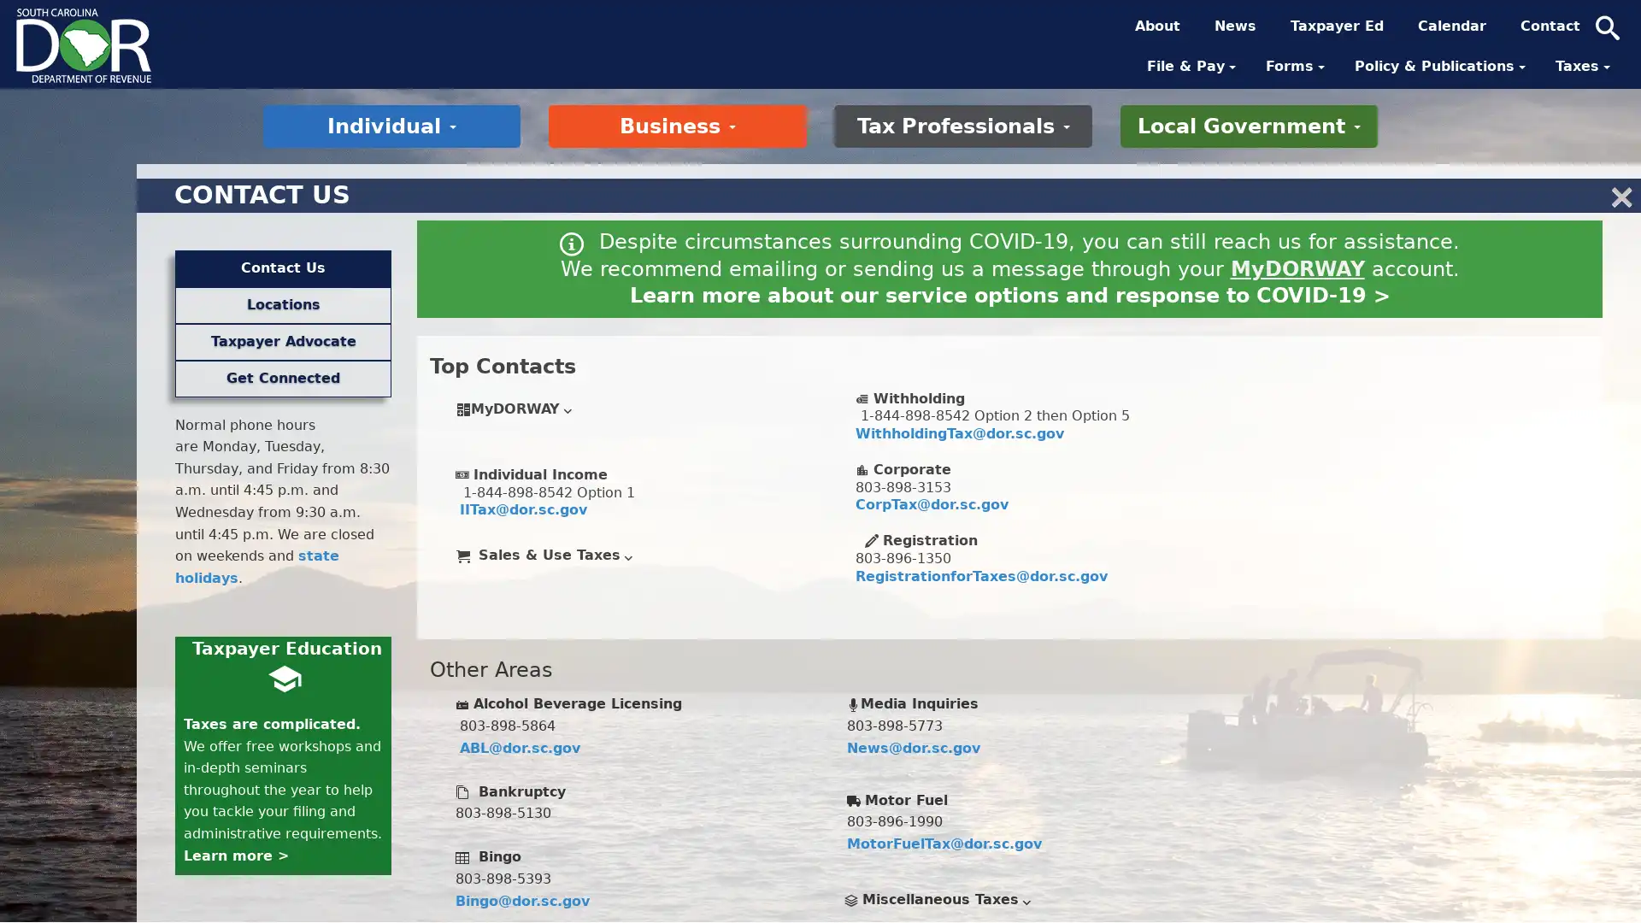  I want to click on Policy & Publications, so click(1441, 65).